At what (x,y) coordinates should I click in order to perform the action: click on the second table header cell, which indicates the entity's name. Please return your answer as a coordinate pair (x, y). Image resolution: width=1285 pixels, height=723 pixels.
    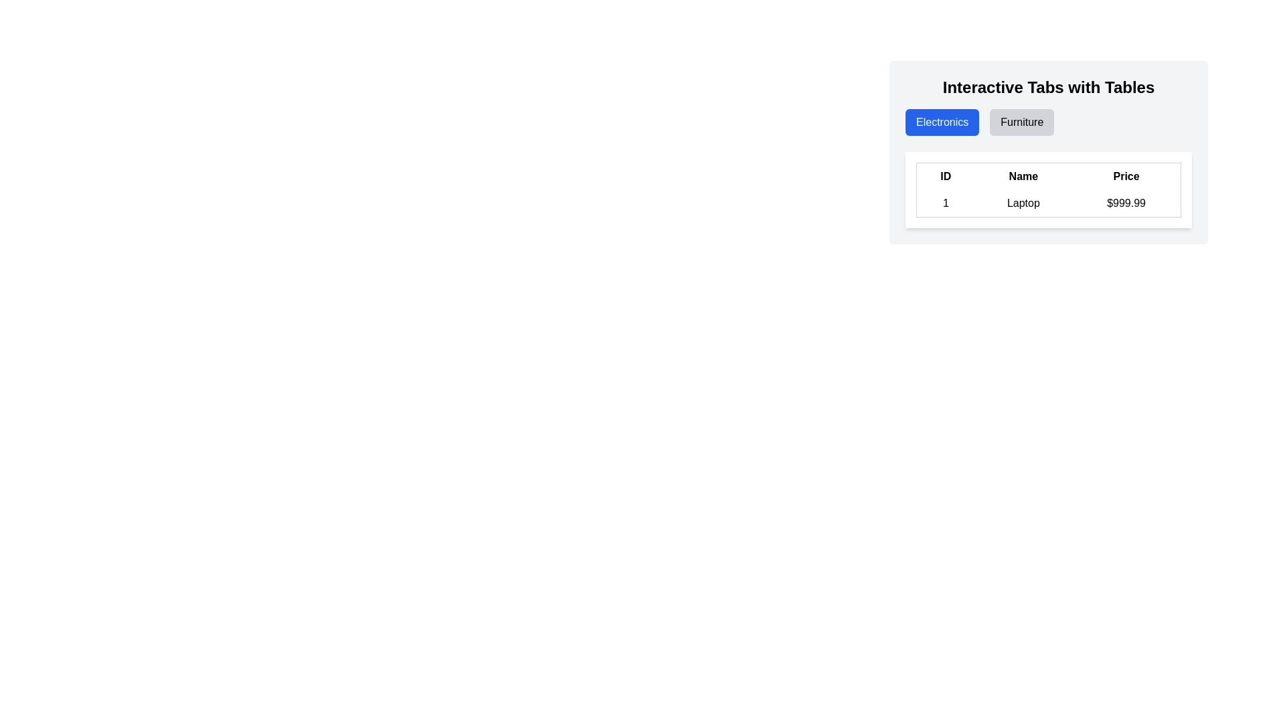
    Looking at the image, I should click on (1023, 175).